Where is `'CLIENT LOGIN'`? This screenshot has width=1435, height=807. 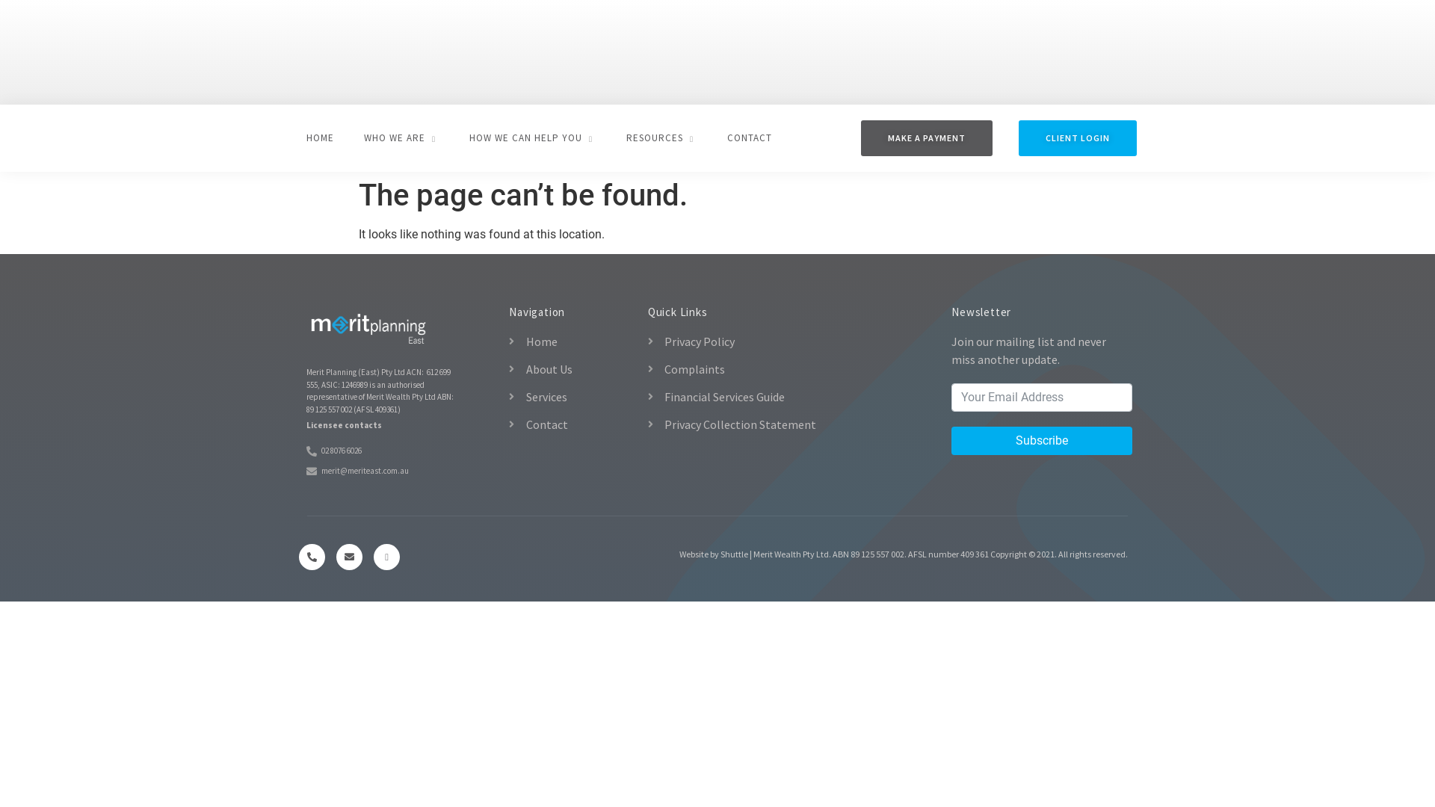
'CLIENT LOGIN' is located at coordinates (1077, 138).